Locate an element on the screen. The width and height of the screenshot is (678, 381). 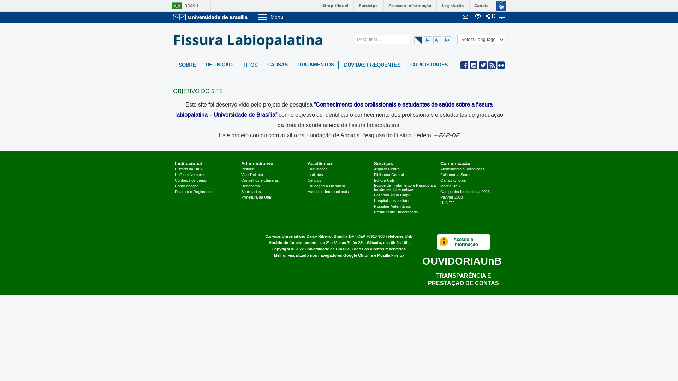
'Arquivo Central' is located at coordinates (387, 169).